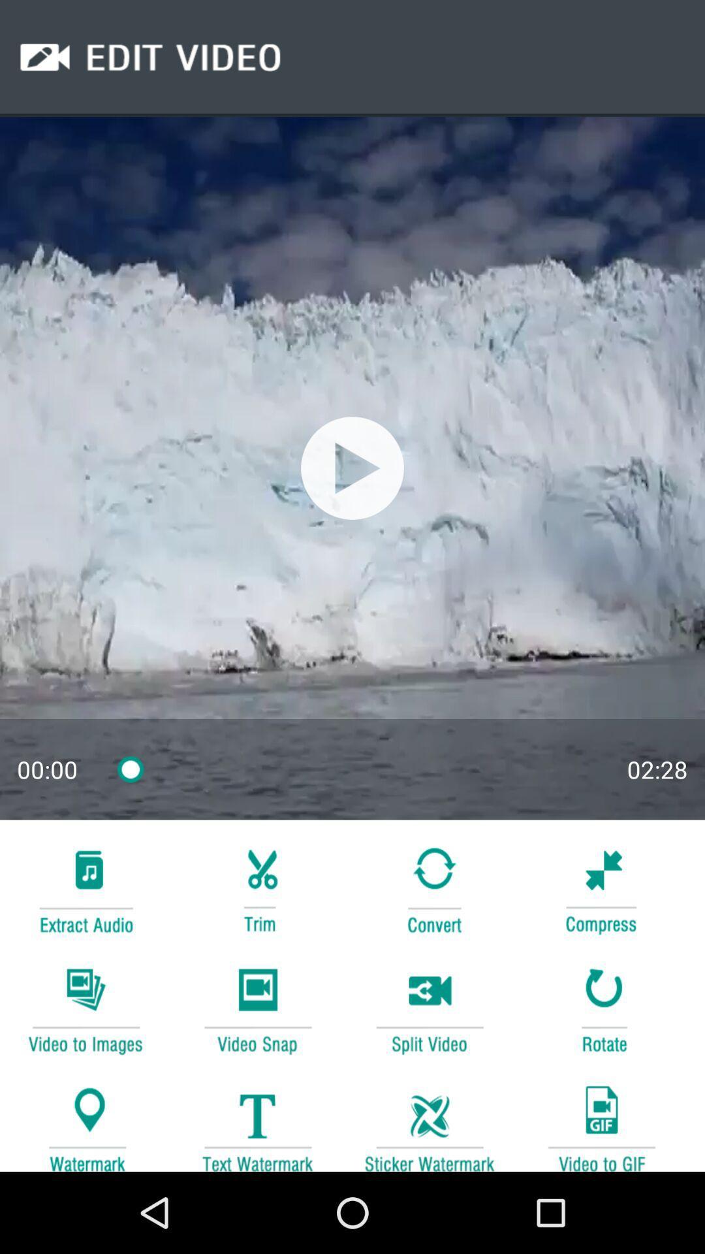 This screenshot has height=1254, width=705. What do you see at coordinates (86, 1121) in the screenshot?
I see `map` at bounding box center [86, 1121].